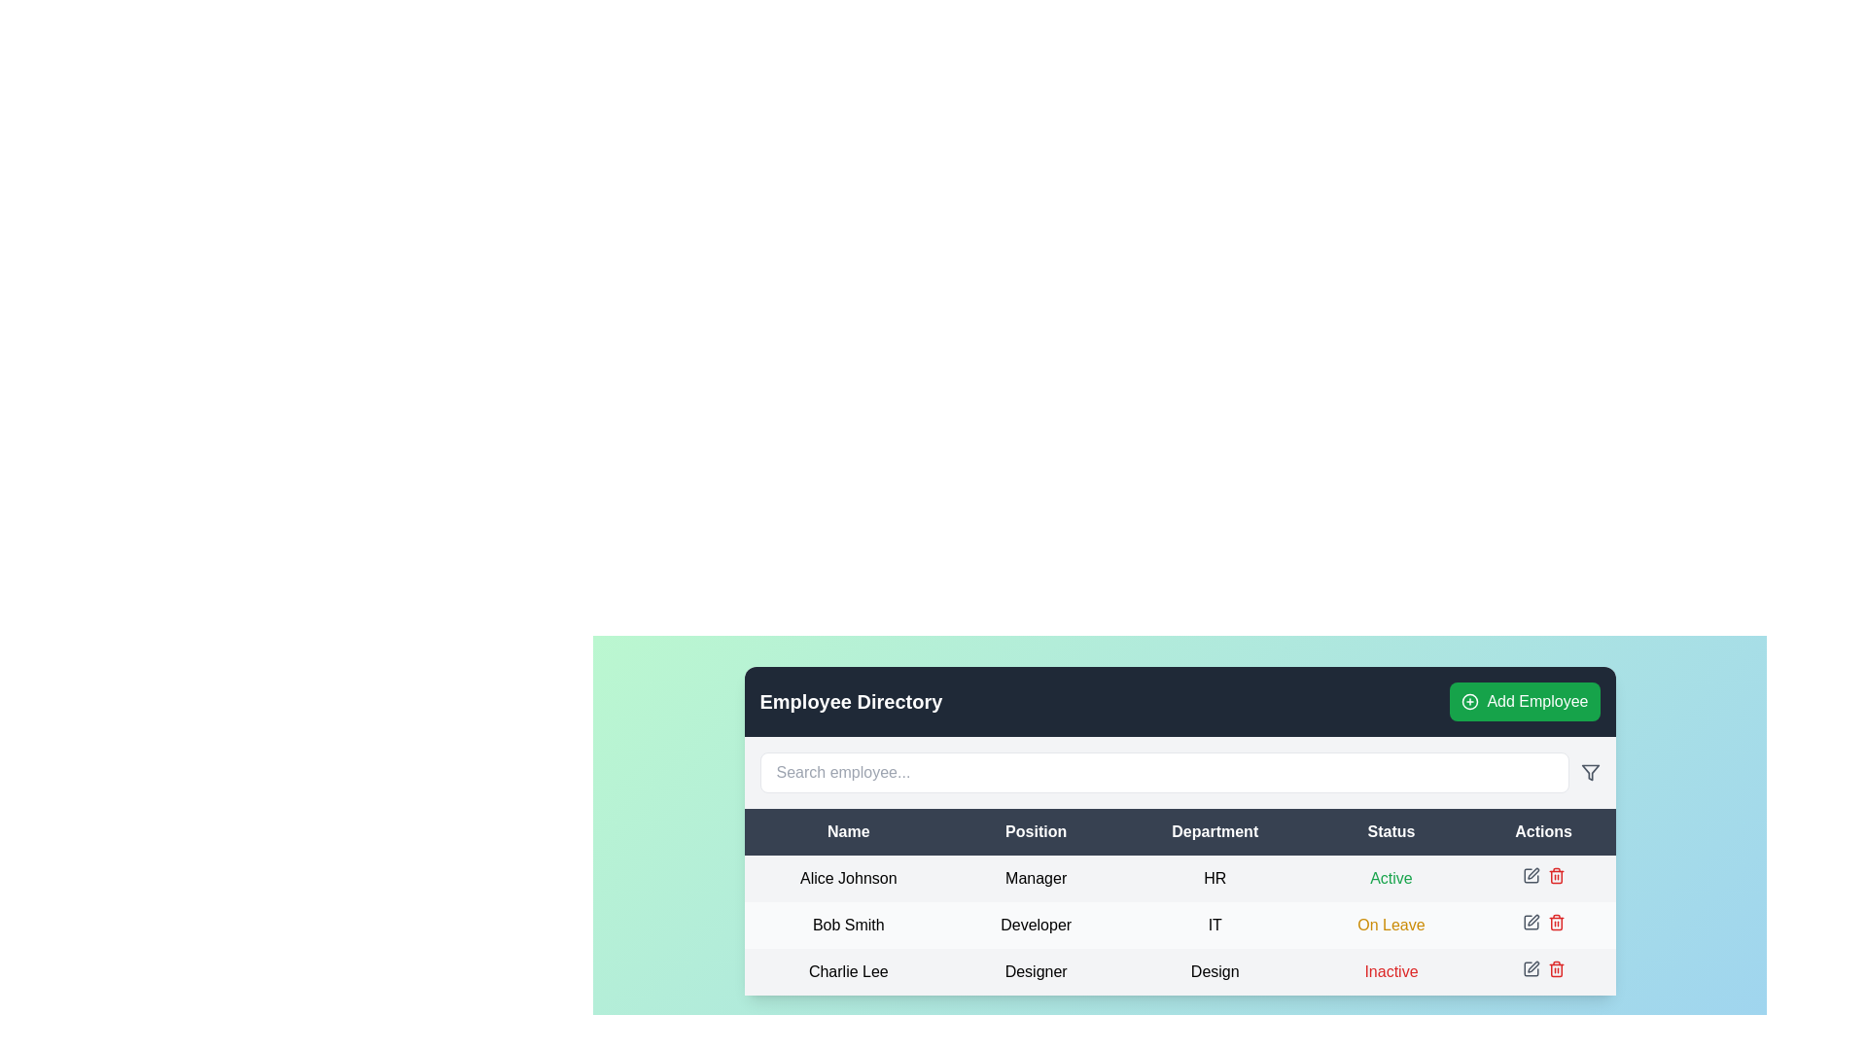  I want to click on the 'Developer' text label in the second row under the 'Position' column of the table layout, so click(1035, 925).